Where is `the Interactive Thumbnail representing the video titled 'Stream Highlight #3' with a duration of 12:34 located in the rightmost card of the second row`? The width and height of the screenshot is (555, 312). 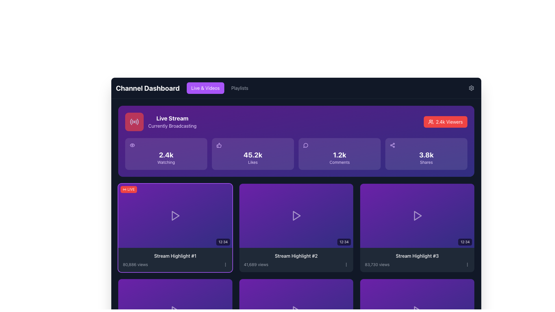
the Interactive Thumbnail representing the video titled 'Stream Highlight #3' with a duration of 12:34 located in the rightmost card of the second row is located at coordinates (417, 216).